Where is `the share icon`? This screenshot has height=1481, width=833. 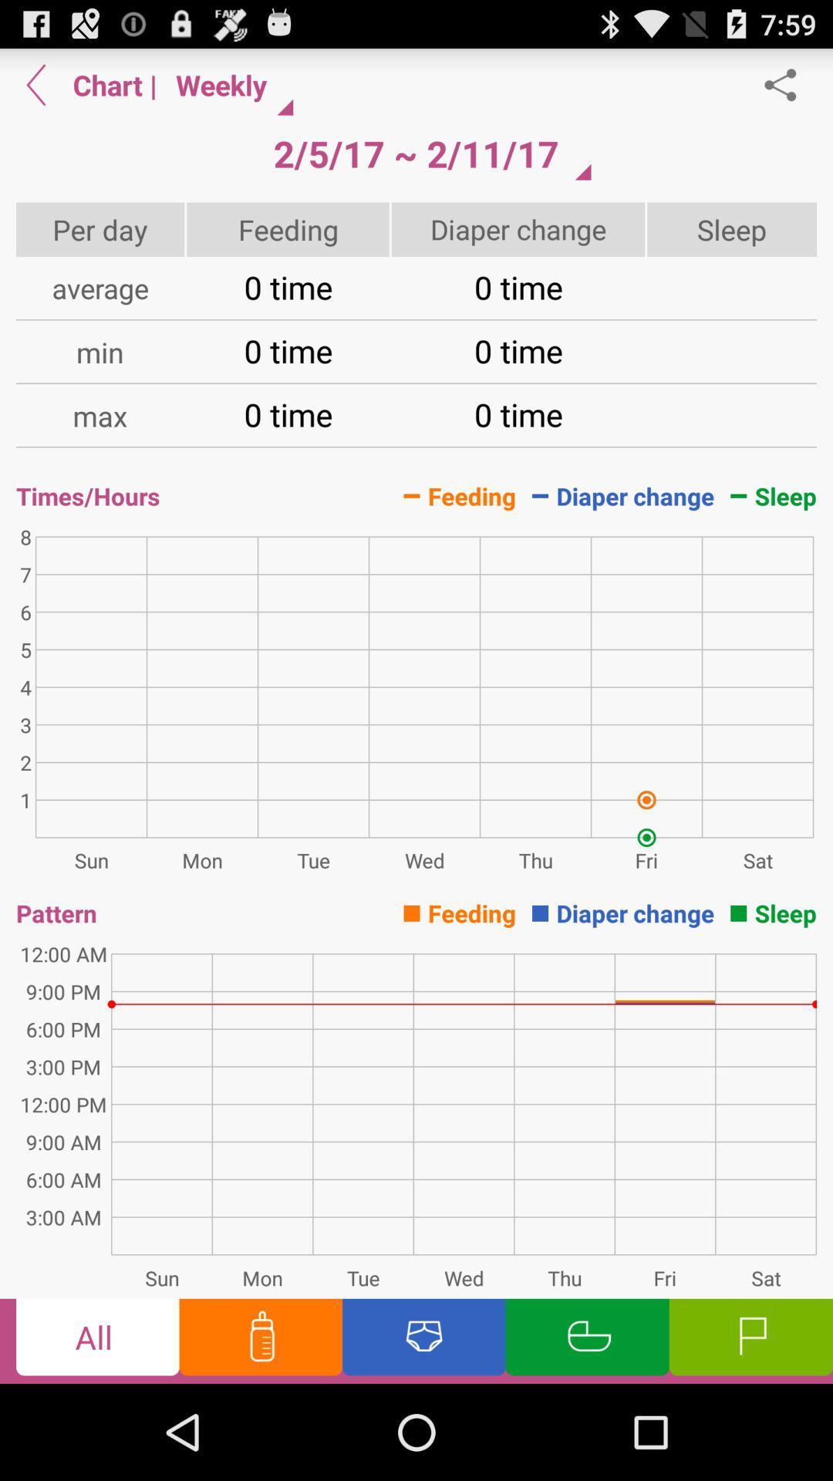 the share icon is located at coordinates (788, 90).